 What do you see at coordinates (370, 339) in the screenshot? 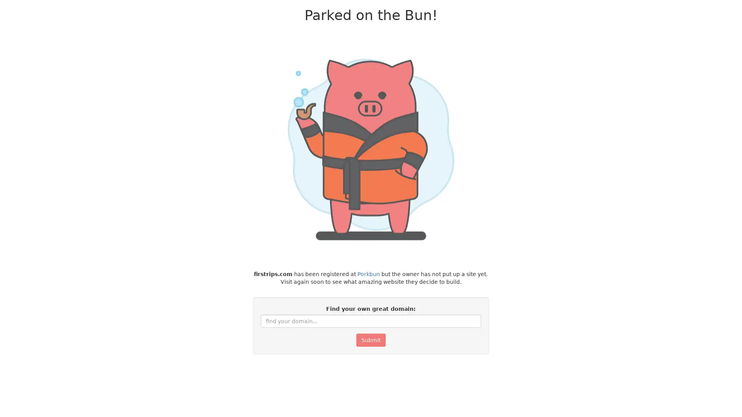
I see `Submit` at bounding box center [370, 339].